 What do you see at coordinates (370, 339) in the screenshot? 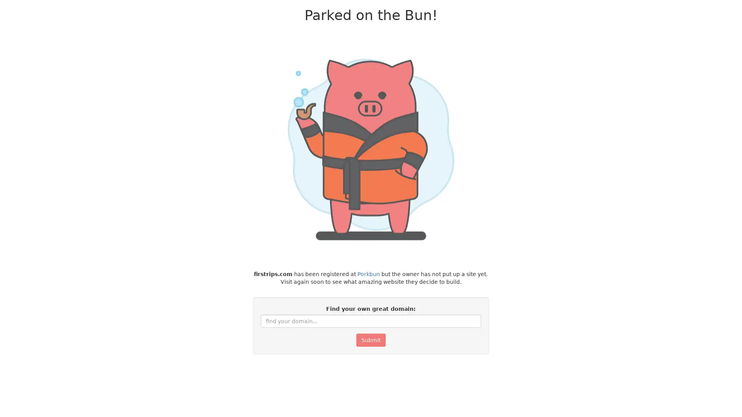
I see `Submit` at bounding box center [370, 339].